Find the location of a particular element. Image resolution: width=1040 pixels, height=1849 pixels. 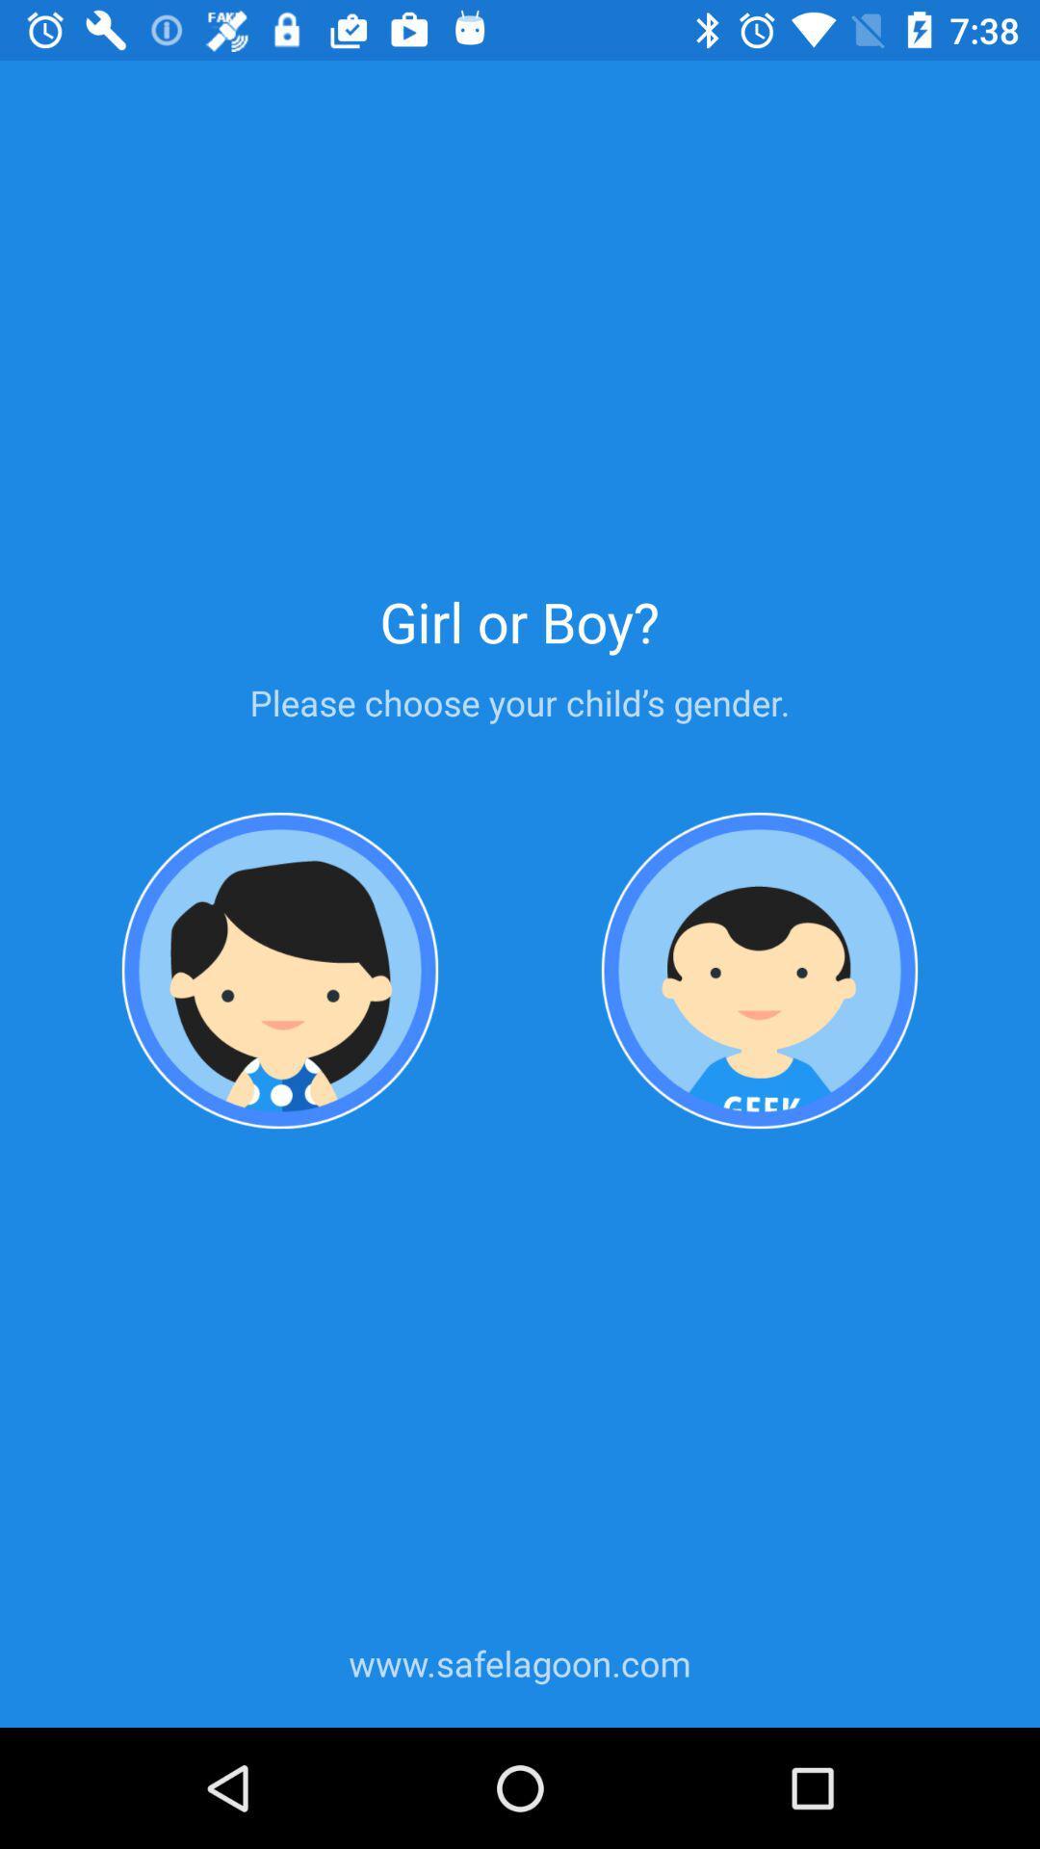

choose boy for prompt is located at coordinates (759, 972).